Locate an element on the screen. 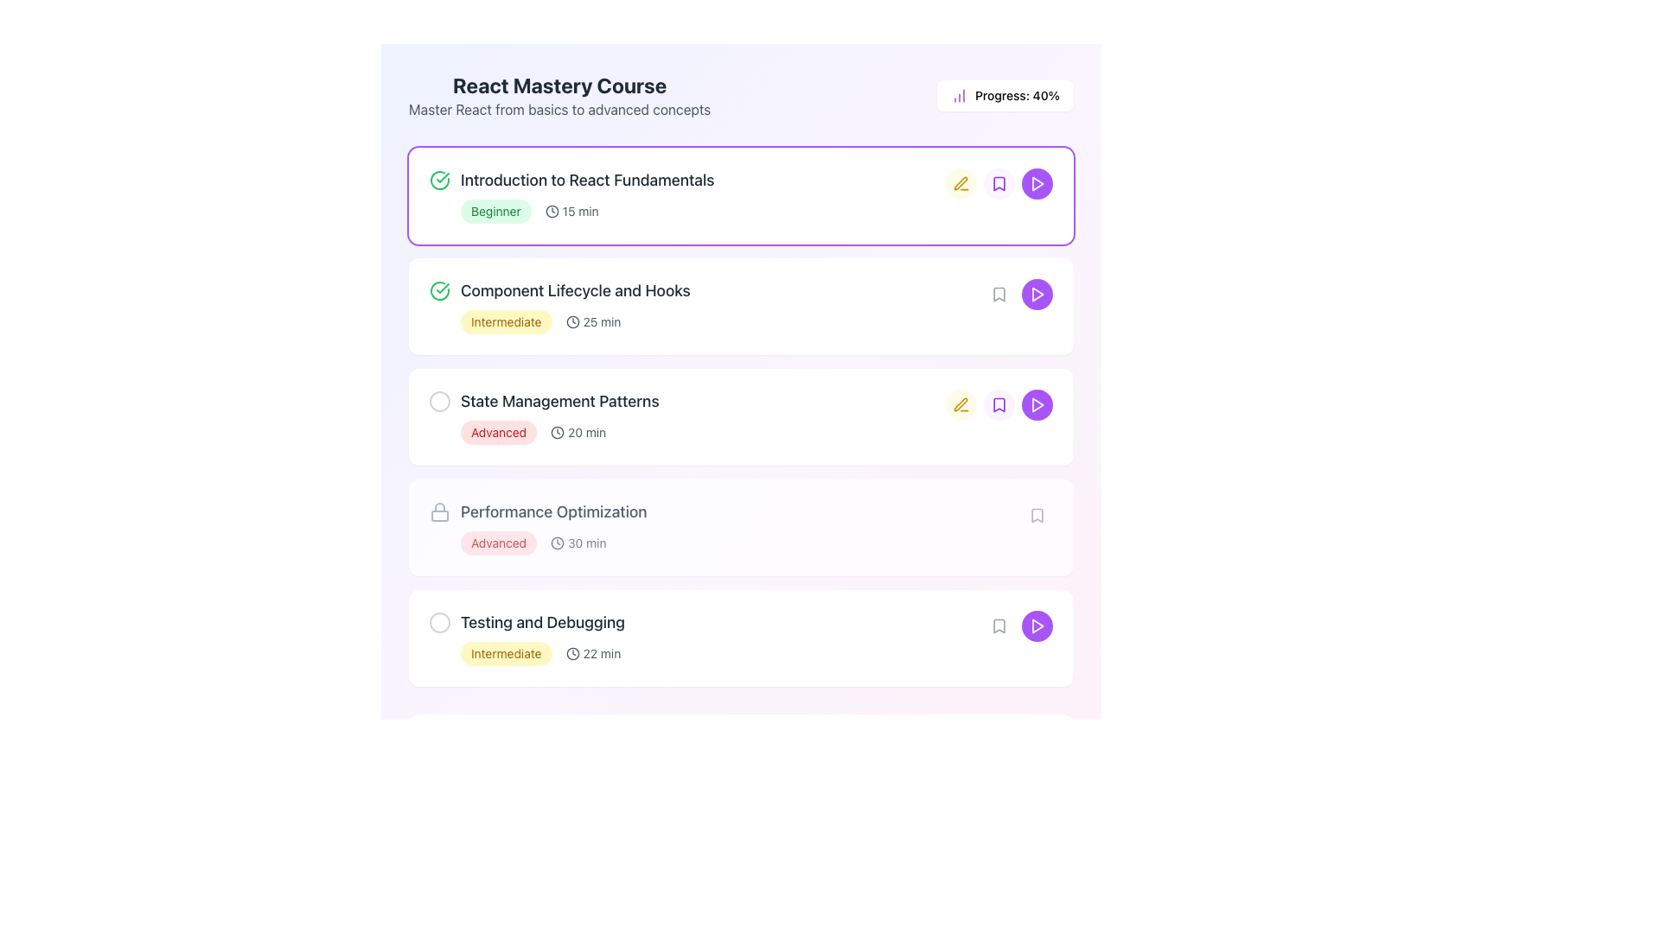 The height and width of the screenshot is (933, 1660). the Label displaying a time duration of '25 min', which is styled in smaller dark gray text and located to the right of a yellow badge labeled 'Intermediate' is located at coordinates (593, 322).